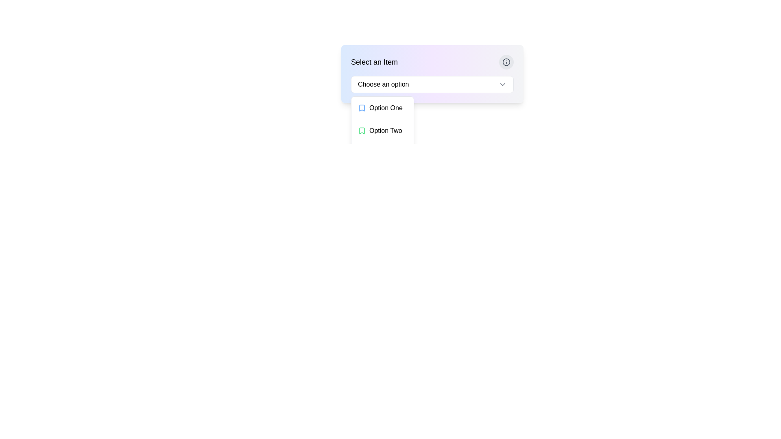 The height and width of the screenshot is (439, 781). What do you see at coordinates (382, 130) in the screenshot?
I see `the second selectable option 'Option Two' in the dropdown menu` at bounding box center [382, 130].